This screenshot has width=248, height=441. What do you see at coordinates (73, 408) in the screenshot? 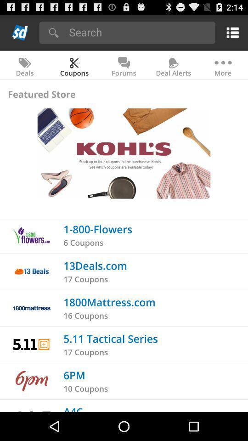
I see `the a4c` at bounding box center [73, 408].